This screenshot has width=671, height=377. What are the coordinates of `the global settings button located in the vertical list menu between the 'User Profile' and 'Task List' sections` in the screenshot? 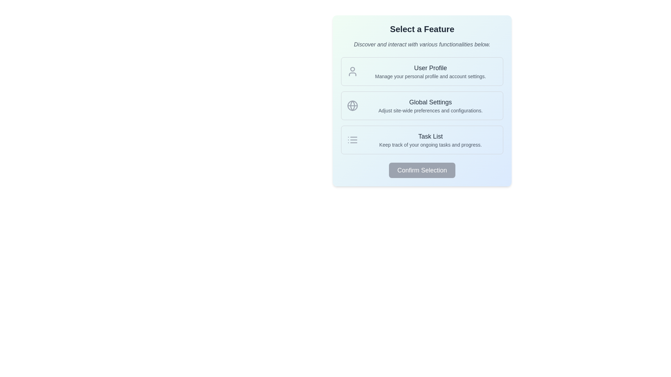 It's located at (422, 106).